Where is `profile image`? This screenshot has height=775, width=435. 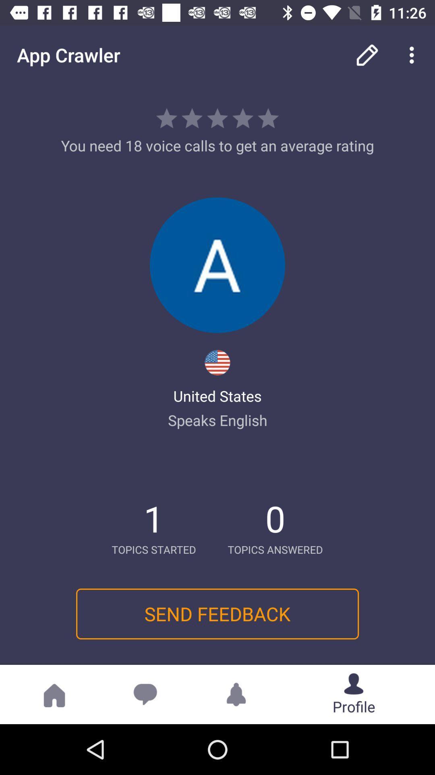 profile image is located at coordinates (217, 265).